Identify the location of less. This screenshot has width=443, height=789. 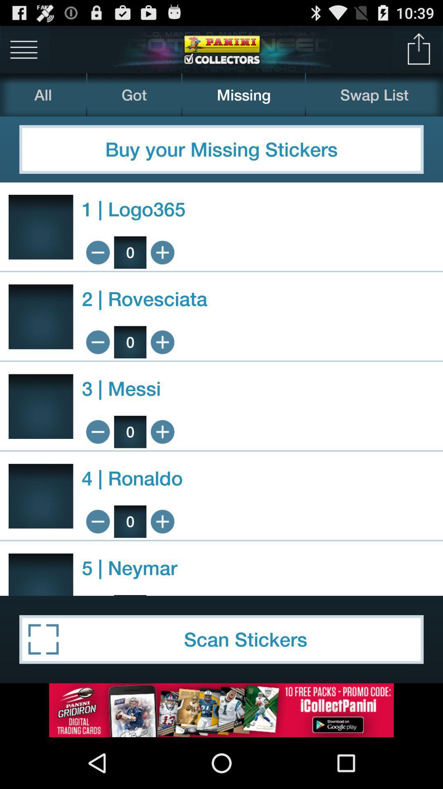
(97, 431).